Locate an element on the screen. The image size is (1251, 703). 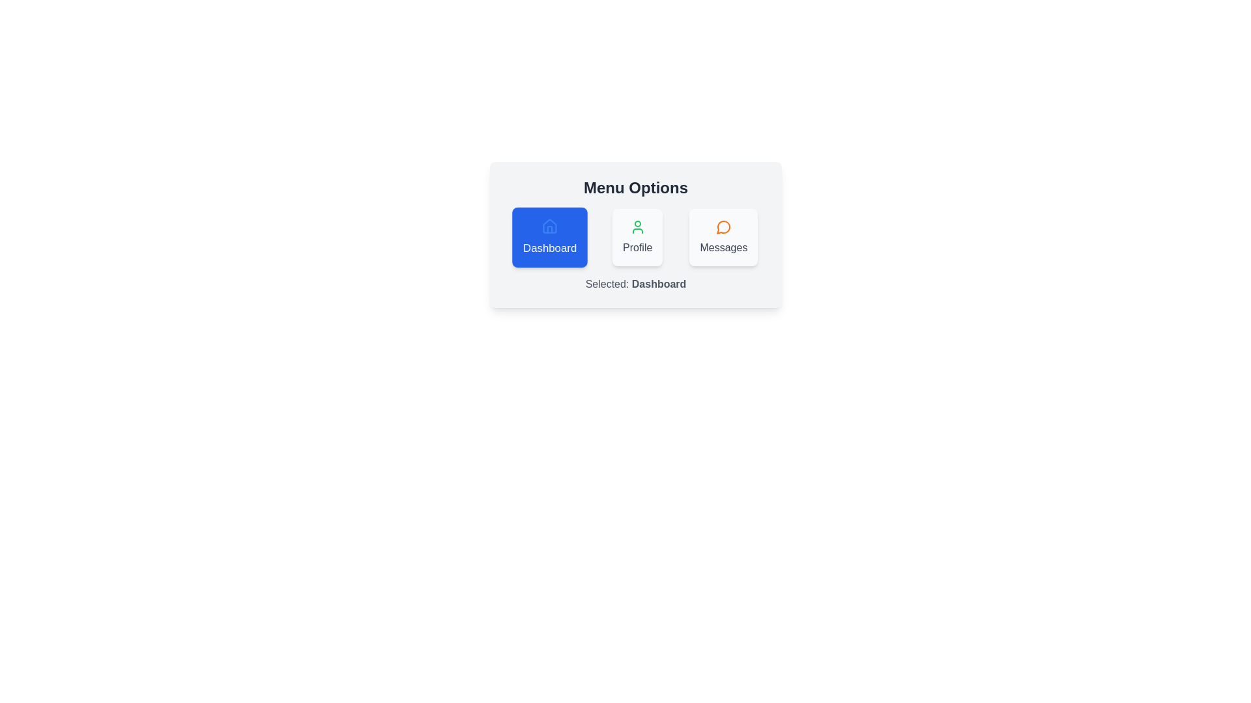
the Messages chip to observe its hover effect is located at coordinates (723, 238).